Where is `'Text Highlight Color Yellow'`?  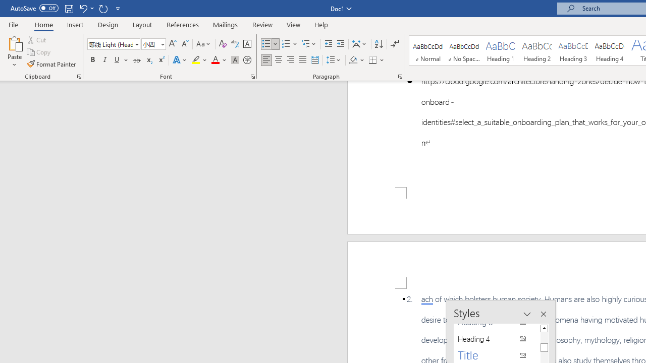
'Text Highlight Color Yellow' is located at coordinates (196, 60).